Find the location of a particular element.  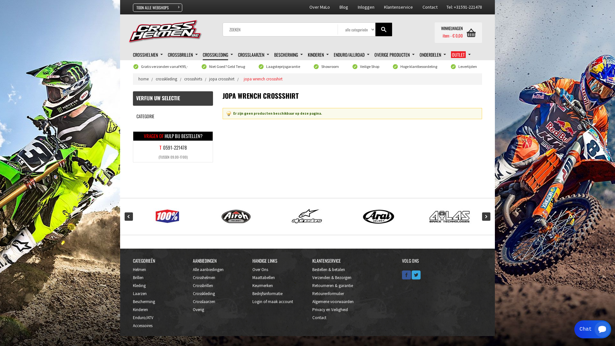

'CROSSLAARZEN' is located at coordinates (238, 54).